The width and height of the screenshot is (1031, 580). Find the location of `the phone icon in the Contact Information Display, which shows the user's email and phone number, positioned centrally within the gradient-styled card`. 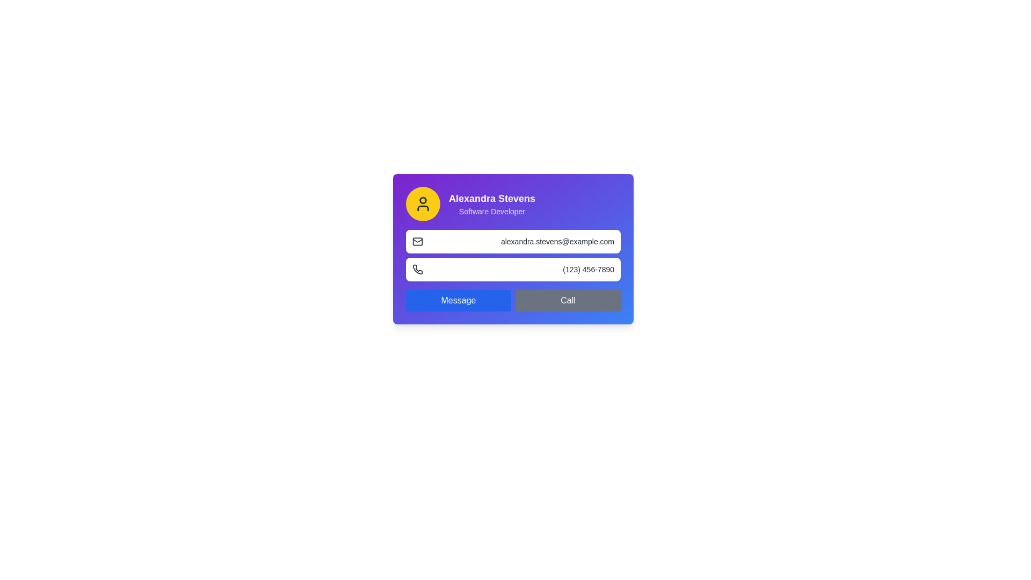

the phone icon in the Contact Information Display, which shows the user's email and phone number, positioned centrally within the gradient-styled card is located at coordinates (512, 255).